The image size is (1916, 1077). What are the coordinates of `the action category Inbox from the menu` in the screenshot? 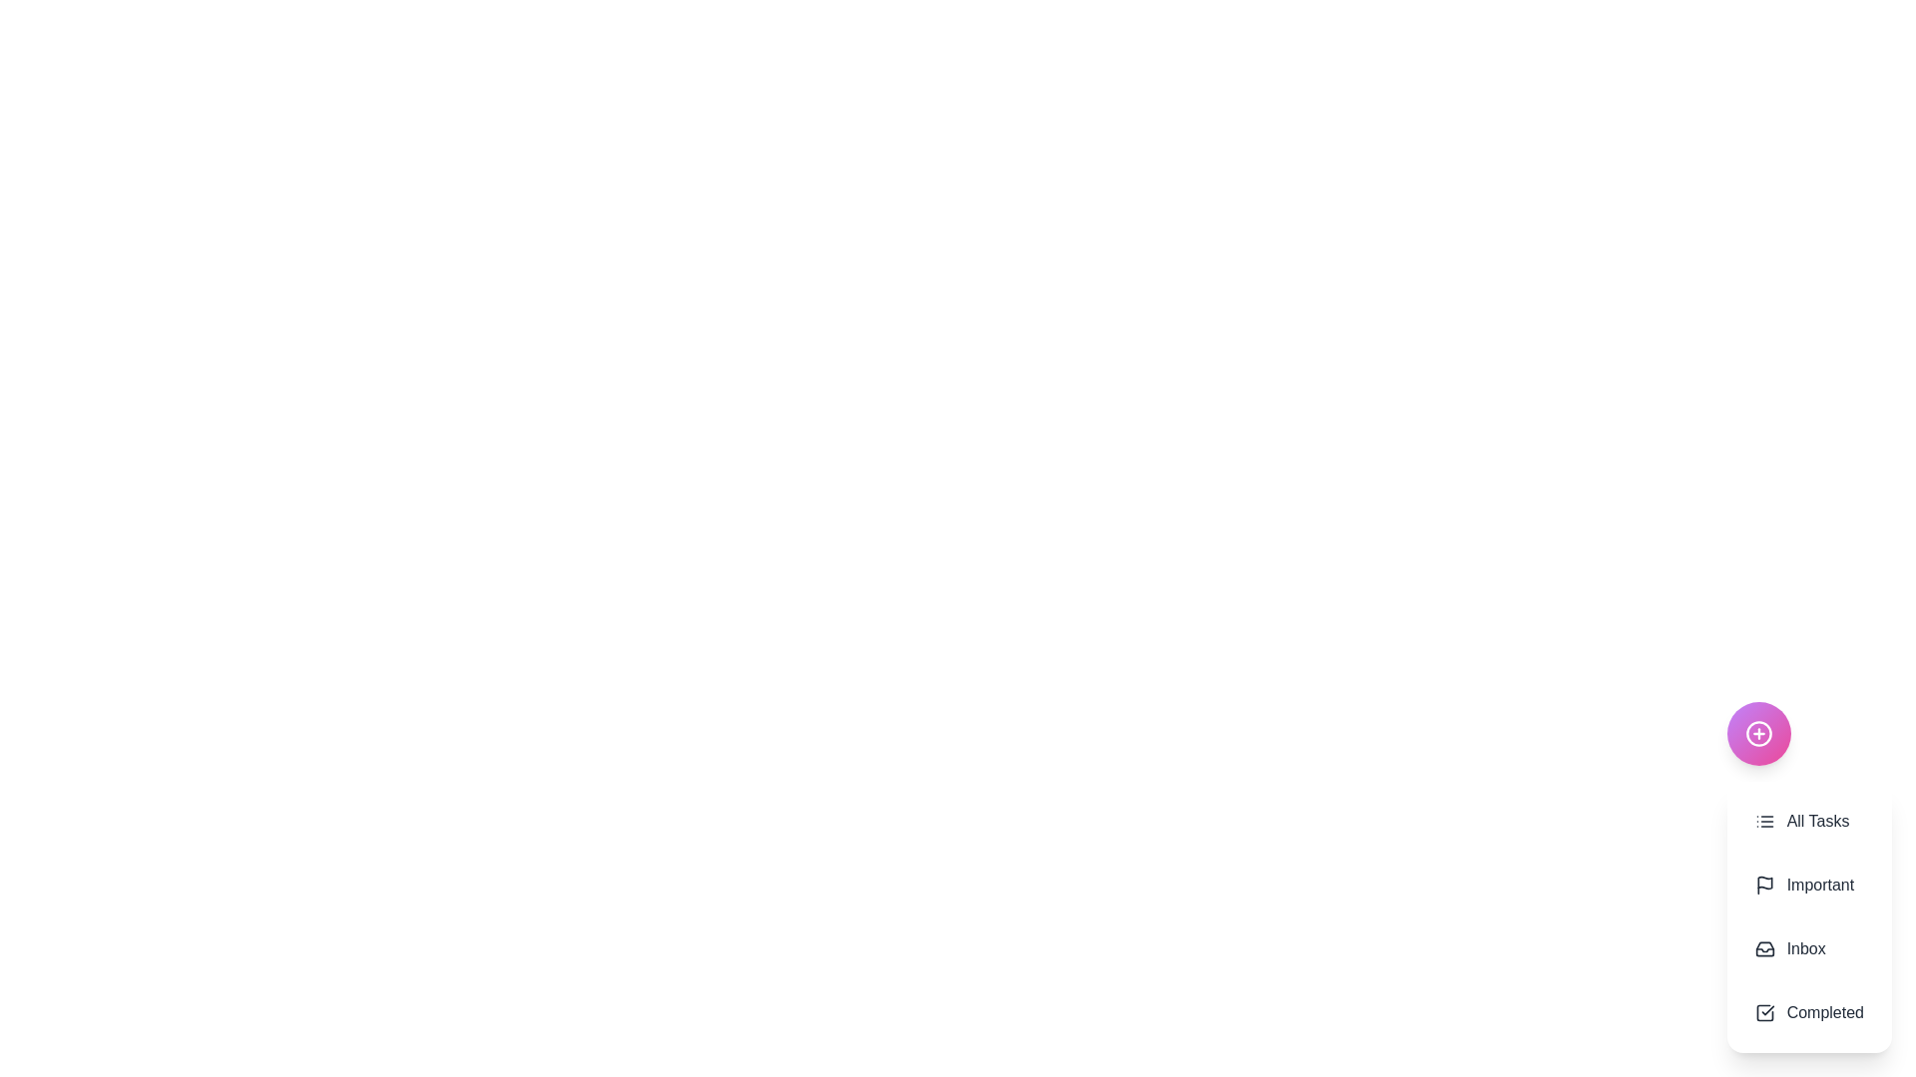 It's located at (1809, 948).